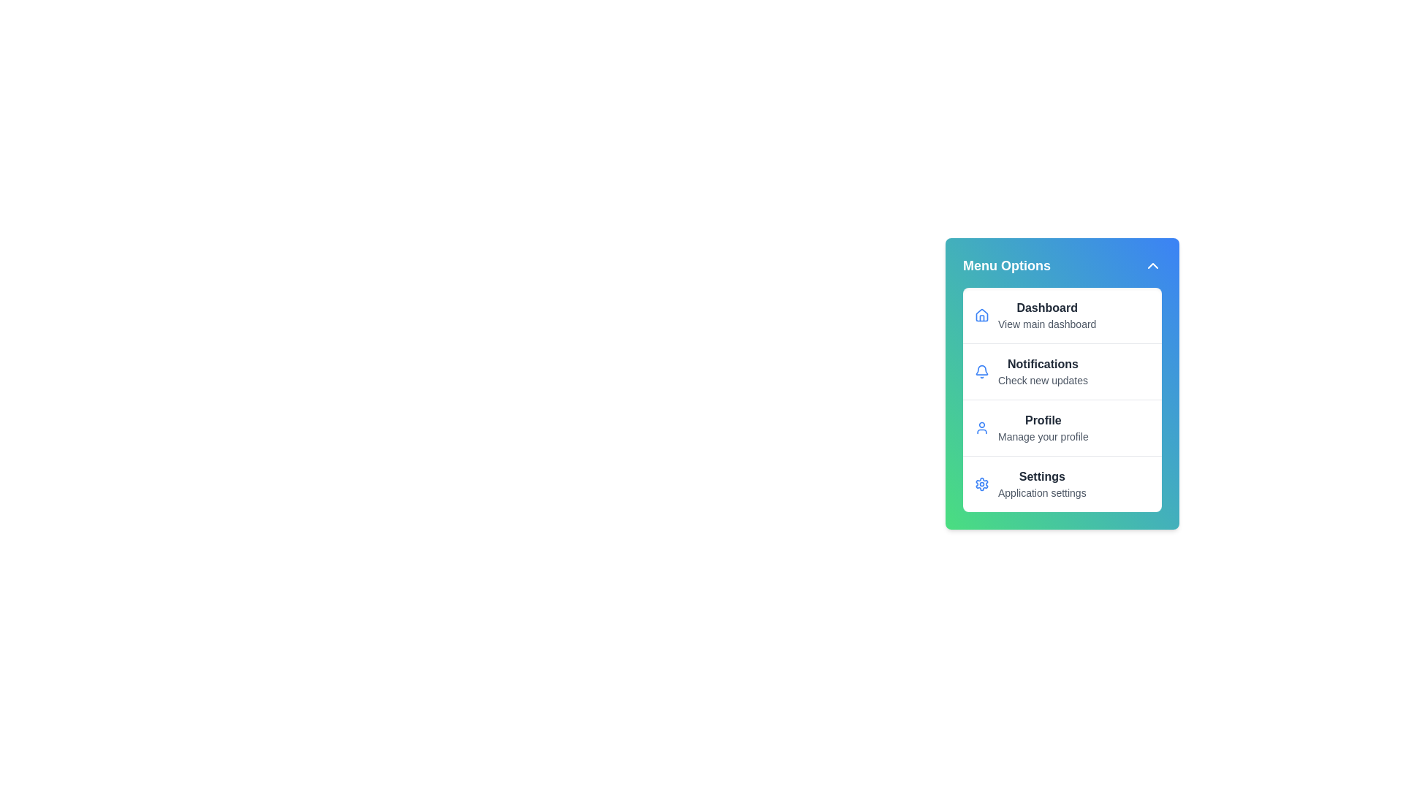 This screenshot has height=789, width=1403. Describe the element at coordinates (1062, 265) in the screenshot. I see `the 'Menu Options' button to toggle the menu visibility` at that location.